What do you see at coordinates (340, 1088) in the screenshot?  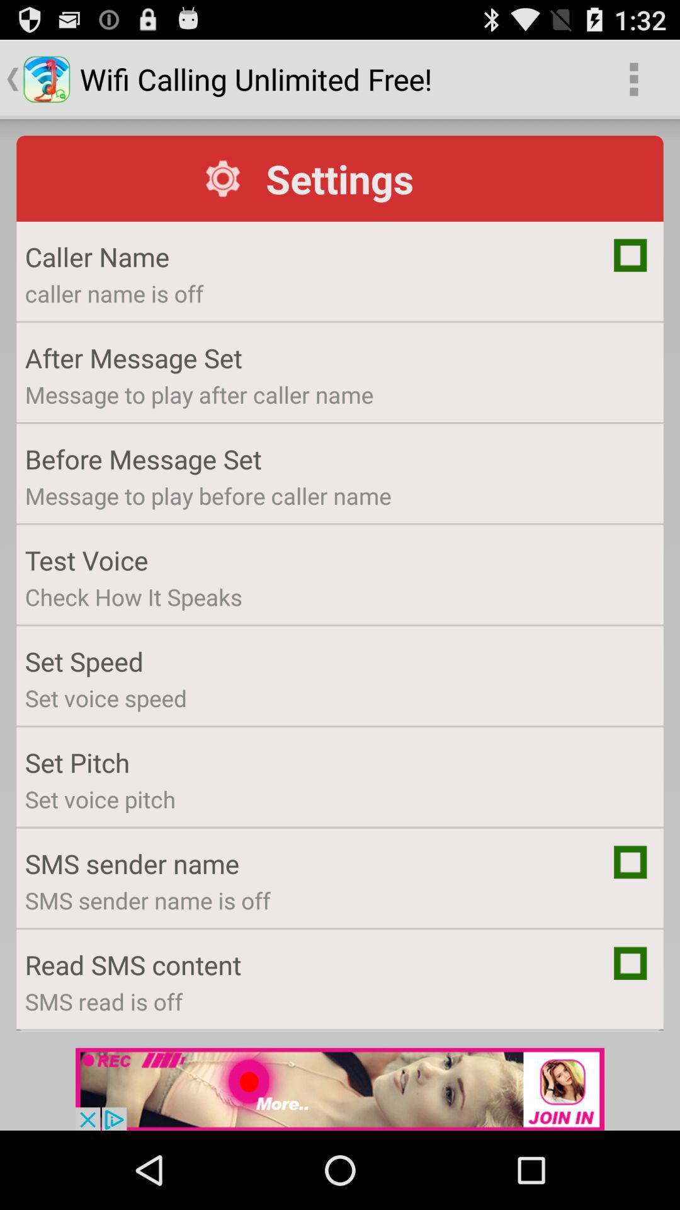 I see `link in advertisement` at bounding box center [340, 1088].